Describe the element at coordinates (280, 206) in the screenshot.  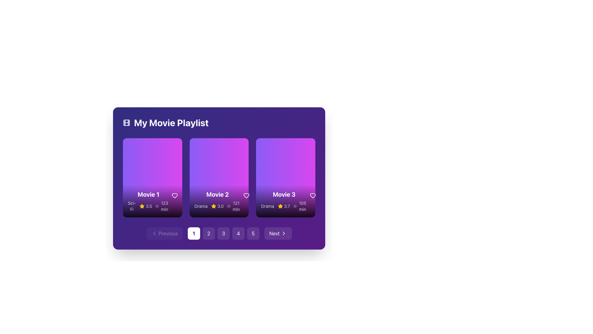
I see `the Rating icon (star) located in the rating section of the 'Movie 3' card, next to the numeric rating value` at that location.